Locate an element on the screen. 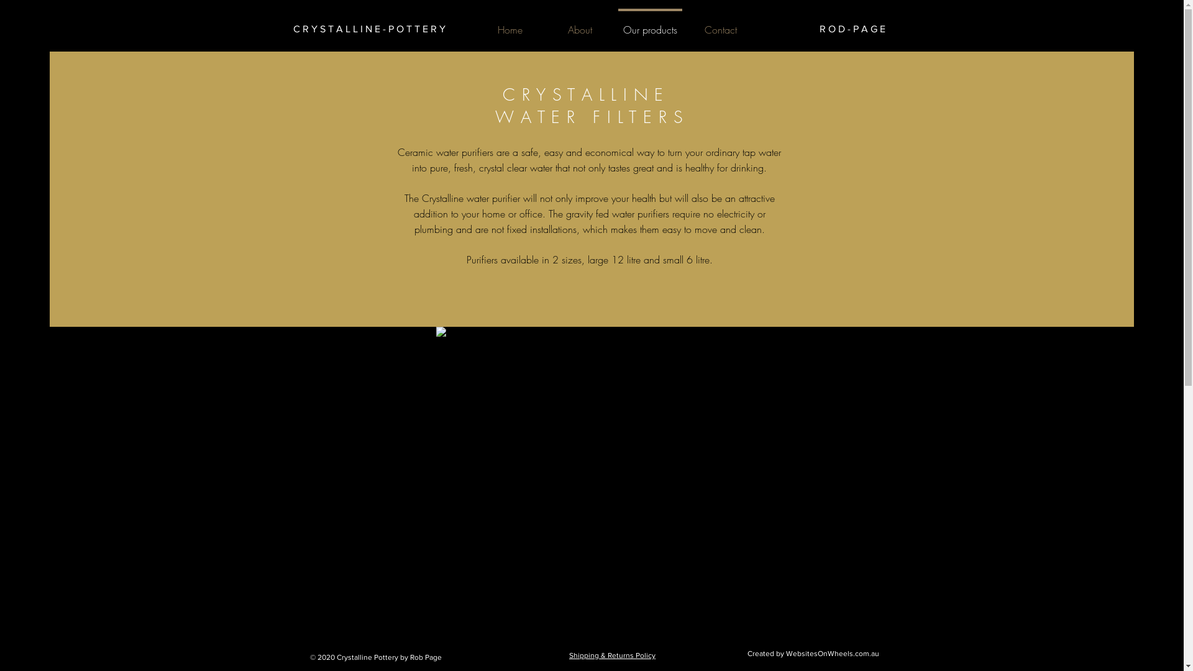  'Home' is located at coordinates (510, 24).